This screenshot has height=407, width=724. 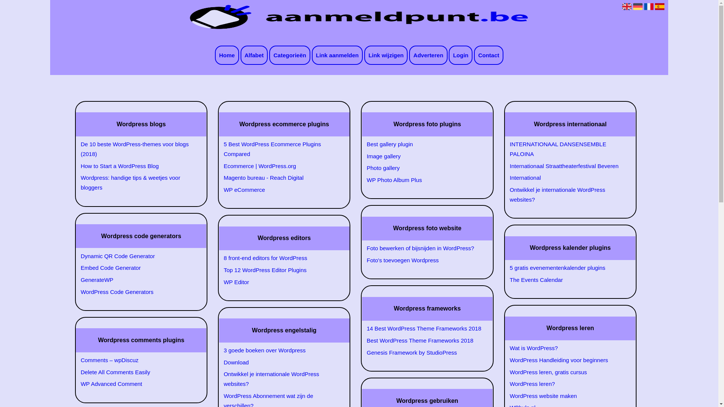 I want to click on 'Best gallery plugin', so click(x=423, y=144).